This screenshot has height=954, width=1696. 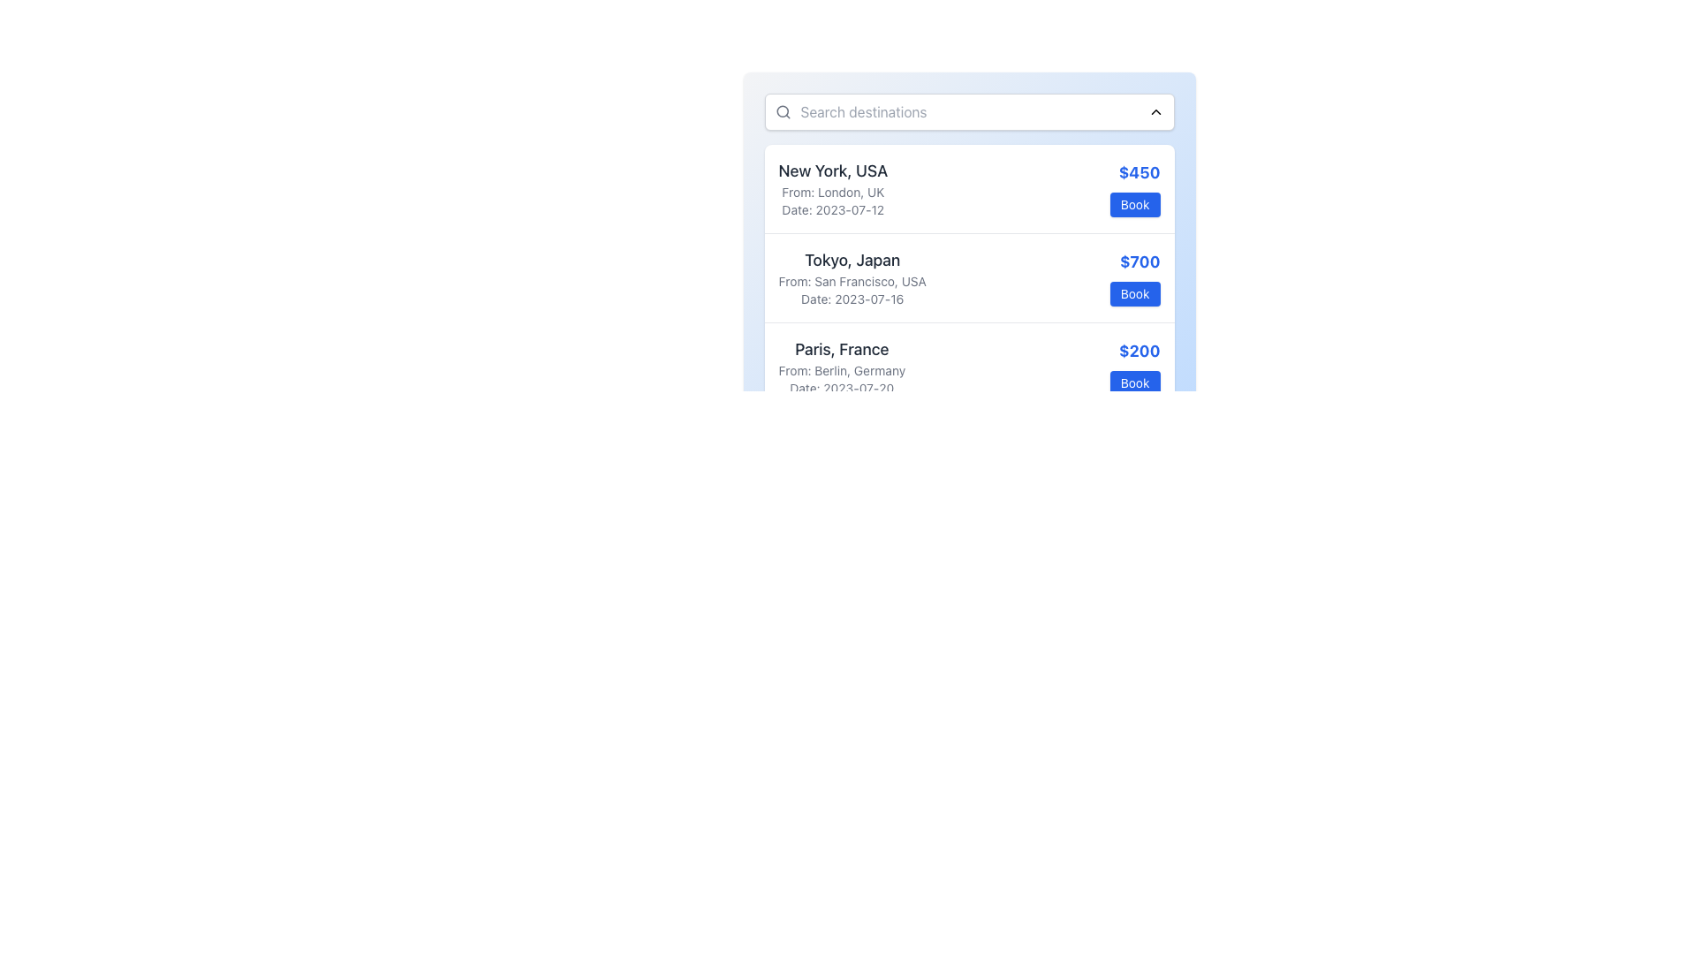 What do you see at coordinates (1135, 173) in the screenshot?
I see `the bold blue text label displaying '$450'` at bounding box center [1135, 173].